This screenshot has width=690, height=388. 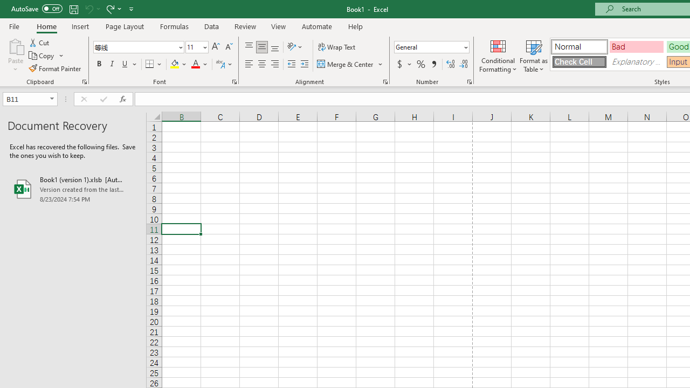 What do you see at coordinates (385, 81) in the screenshot?
I see `'Format Cell Alignment'` at bounding box center [385, 81].